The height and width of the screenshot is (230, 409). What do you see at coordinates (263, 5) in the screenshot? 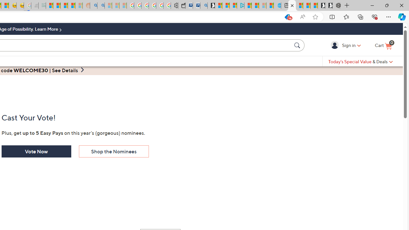
I see `'Microsoft Start - Sleeping'` at bounding box center [263, 5].